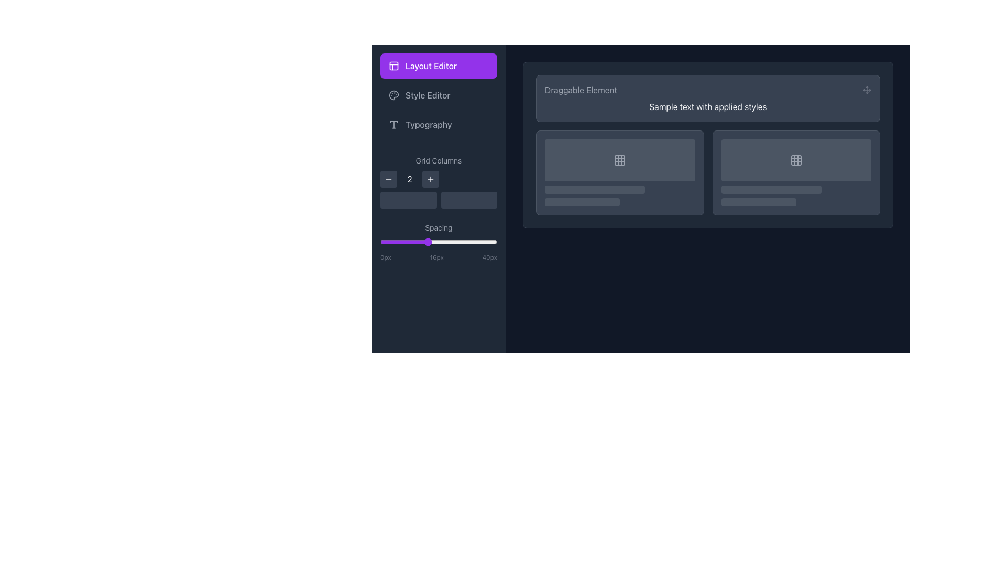 The image size is (1006, 566). What do you see at coordinates (421, 242) in the screenshot?
I see `spacing` at bounding box center [421, 242].